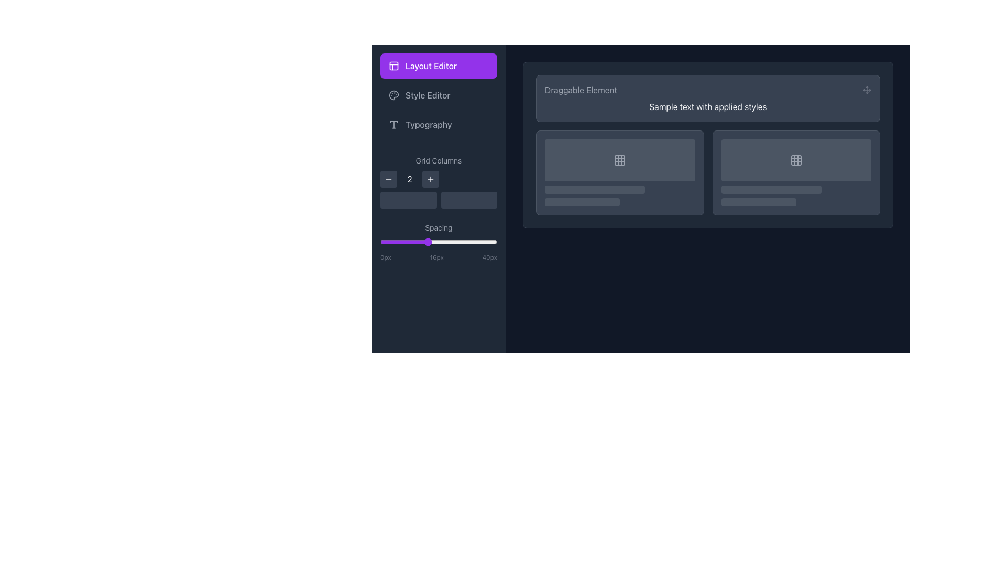 The image size is (1006, 566). What do you see at coordinates (421, 242) in the screenshot?
I see `spacing` at bounding box center [421, 242].